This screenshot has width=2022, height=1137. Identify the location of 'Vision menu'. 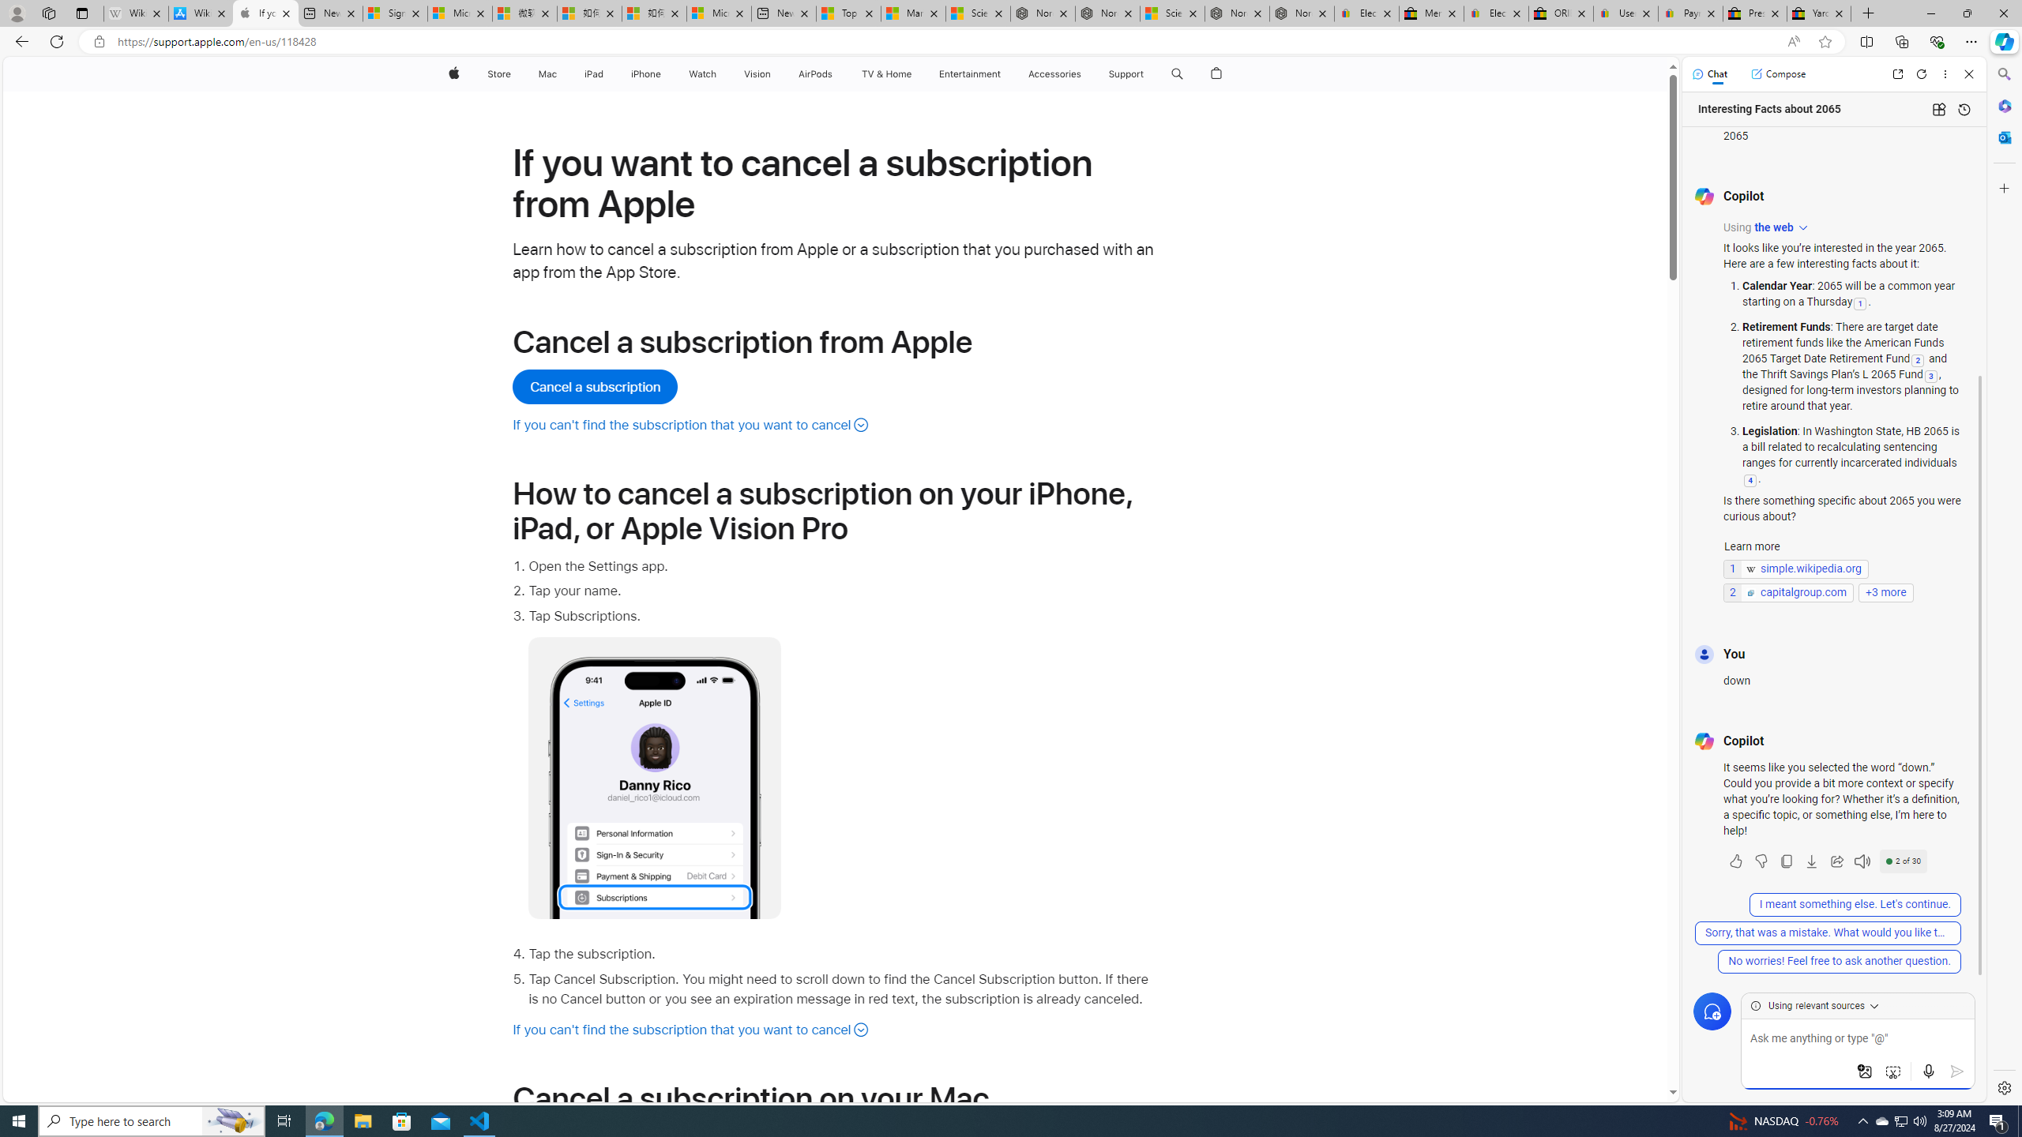
(775, 73).